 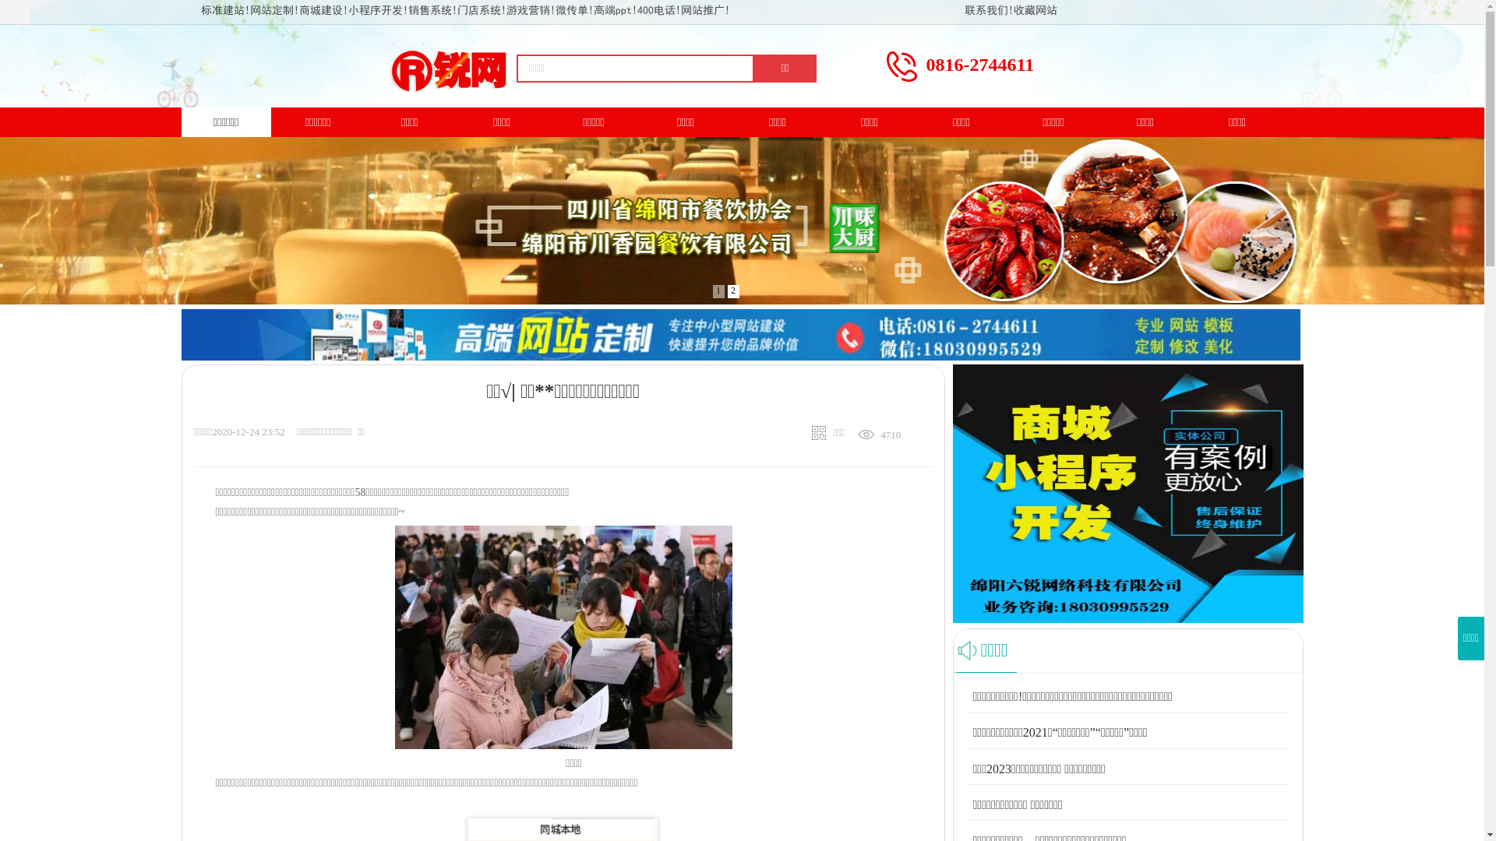 I want to click on '2', so click(x=732, y=291).